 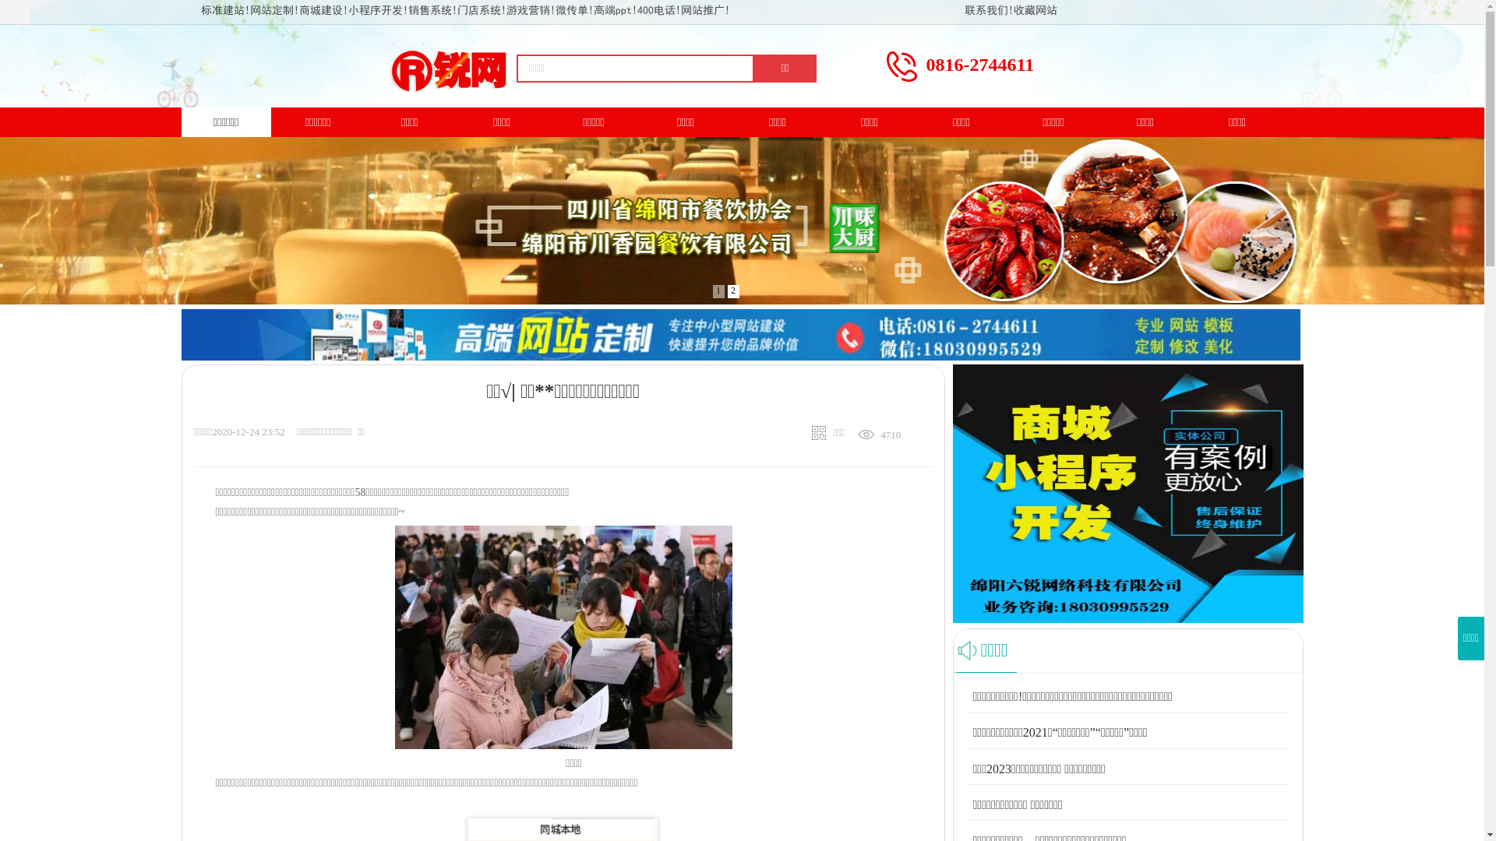 I want to click on '2', so click(x=732, y=291).